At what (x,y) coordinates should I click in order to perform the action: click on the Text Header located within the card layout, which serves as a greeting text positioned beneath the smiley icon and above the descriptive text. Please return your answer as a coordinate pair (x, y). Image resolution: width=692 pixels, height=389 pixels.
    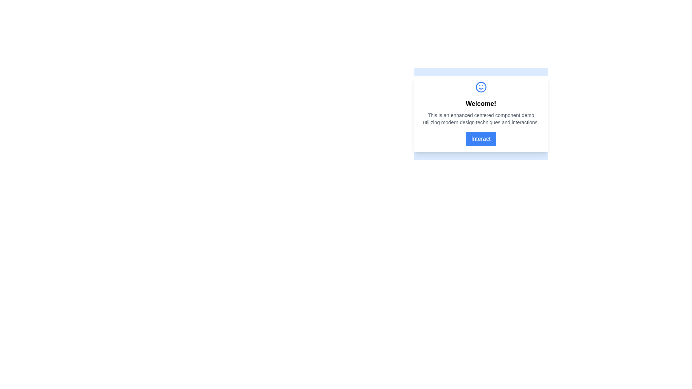
    Looking at the image, I should click on (481, 104).